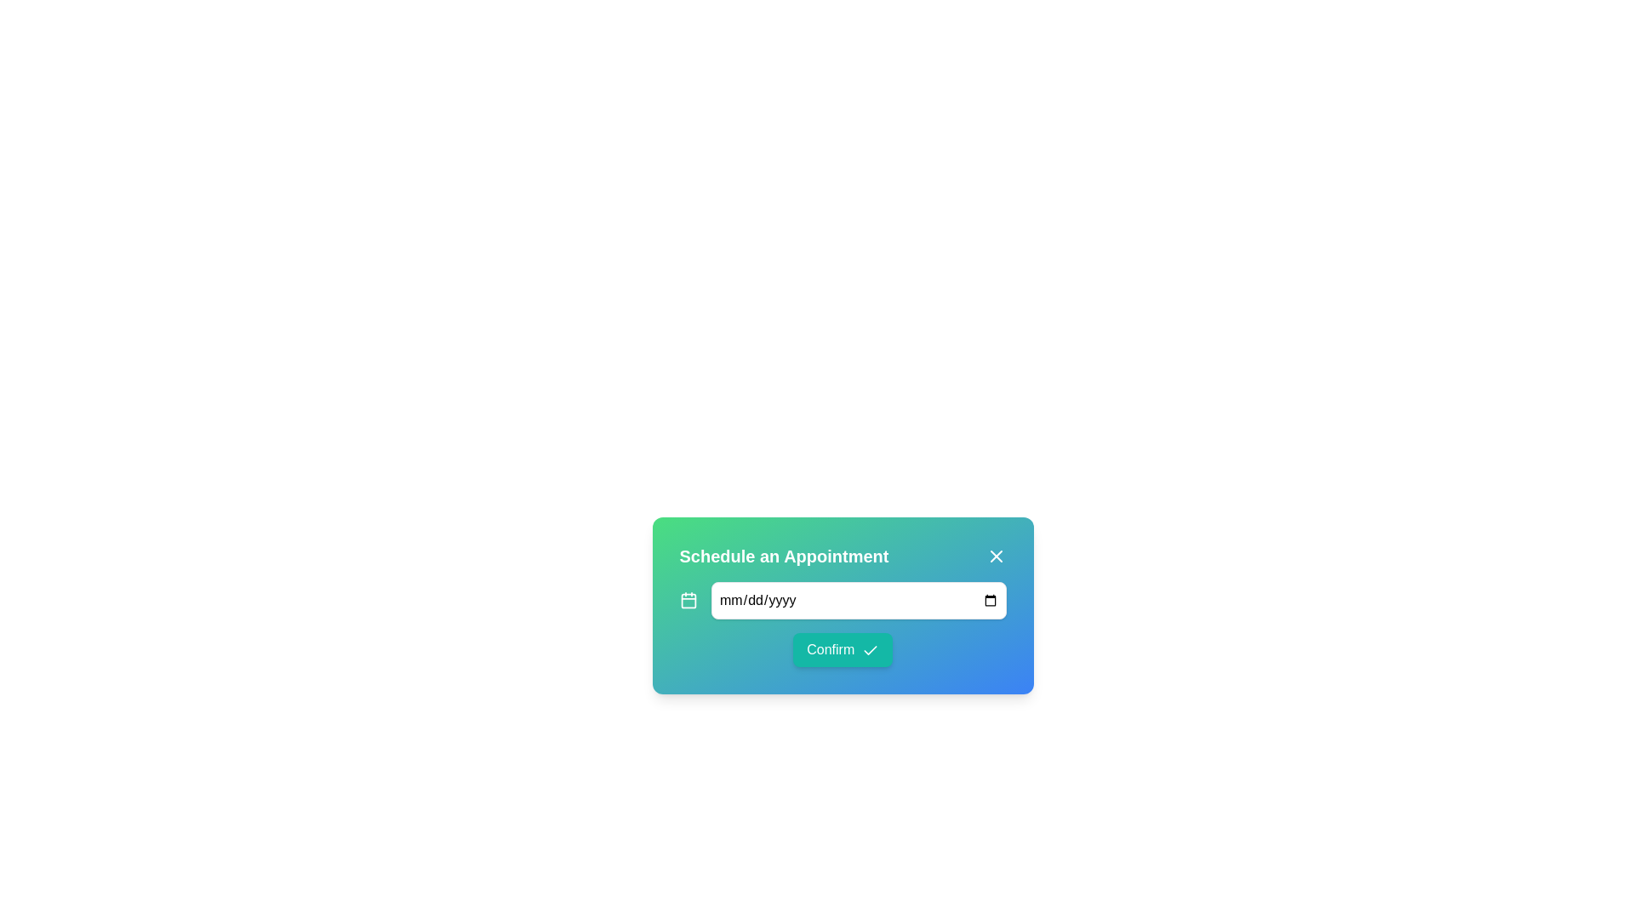  What do you see at coordinates (870, 650) in the screenshot?
I see `the 'Confirm' button which contains the icon that visually reinforces the confirmation action` at bounding box center [870, 650].